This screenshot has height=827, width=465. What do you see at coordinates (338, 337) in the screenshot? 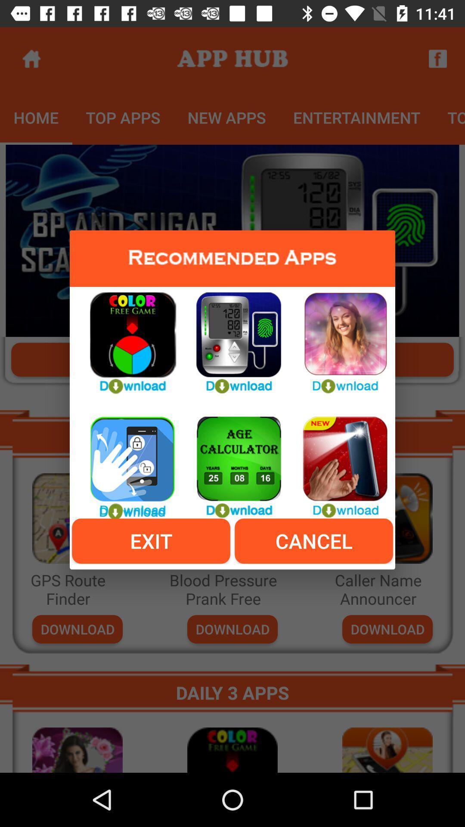
I see `thre app` at bounding box center [338, 337].